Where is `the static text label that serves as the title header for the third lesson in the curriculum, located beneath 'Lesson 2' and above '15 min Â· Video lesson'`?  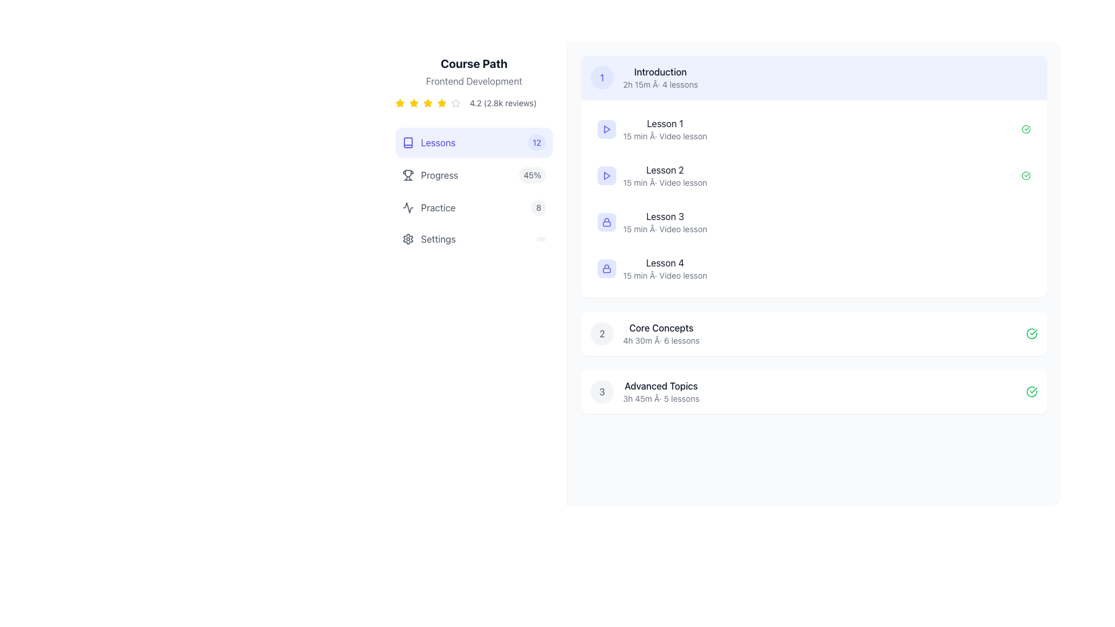 the static text label that serves as the title header for the third lesson in the curriculum, located beneath 'Lesson 2' and above '15 min Â· Video lesson' is located at coordinates (665, 217).